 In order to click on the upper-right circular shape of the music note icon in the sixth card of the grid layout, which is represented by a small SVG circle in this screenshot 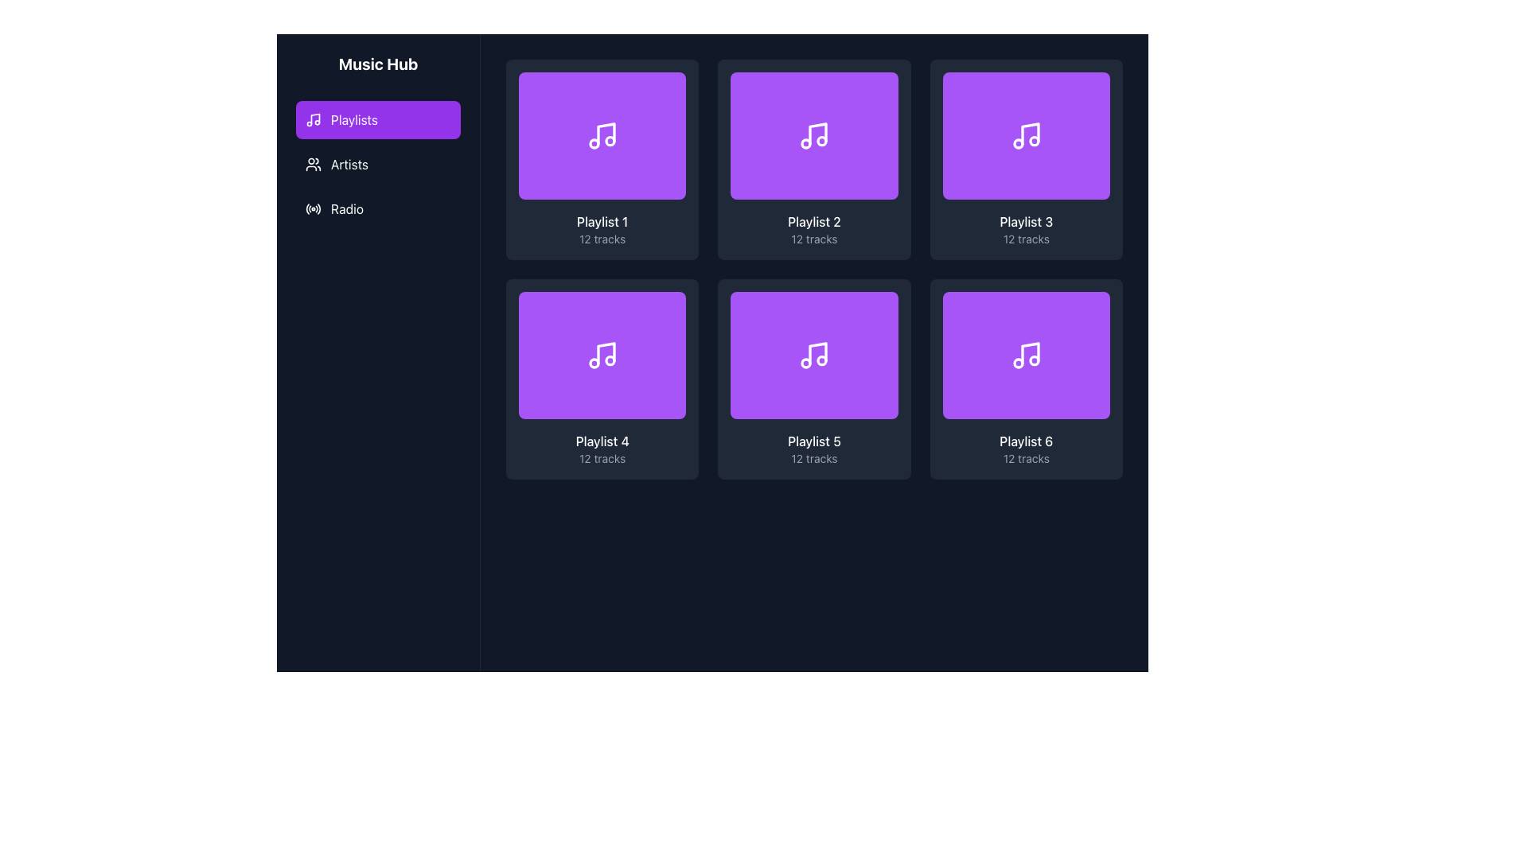, I will do `click(1034, 360)`.